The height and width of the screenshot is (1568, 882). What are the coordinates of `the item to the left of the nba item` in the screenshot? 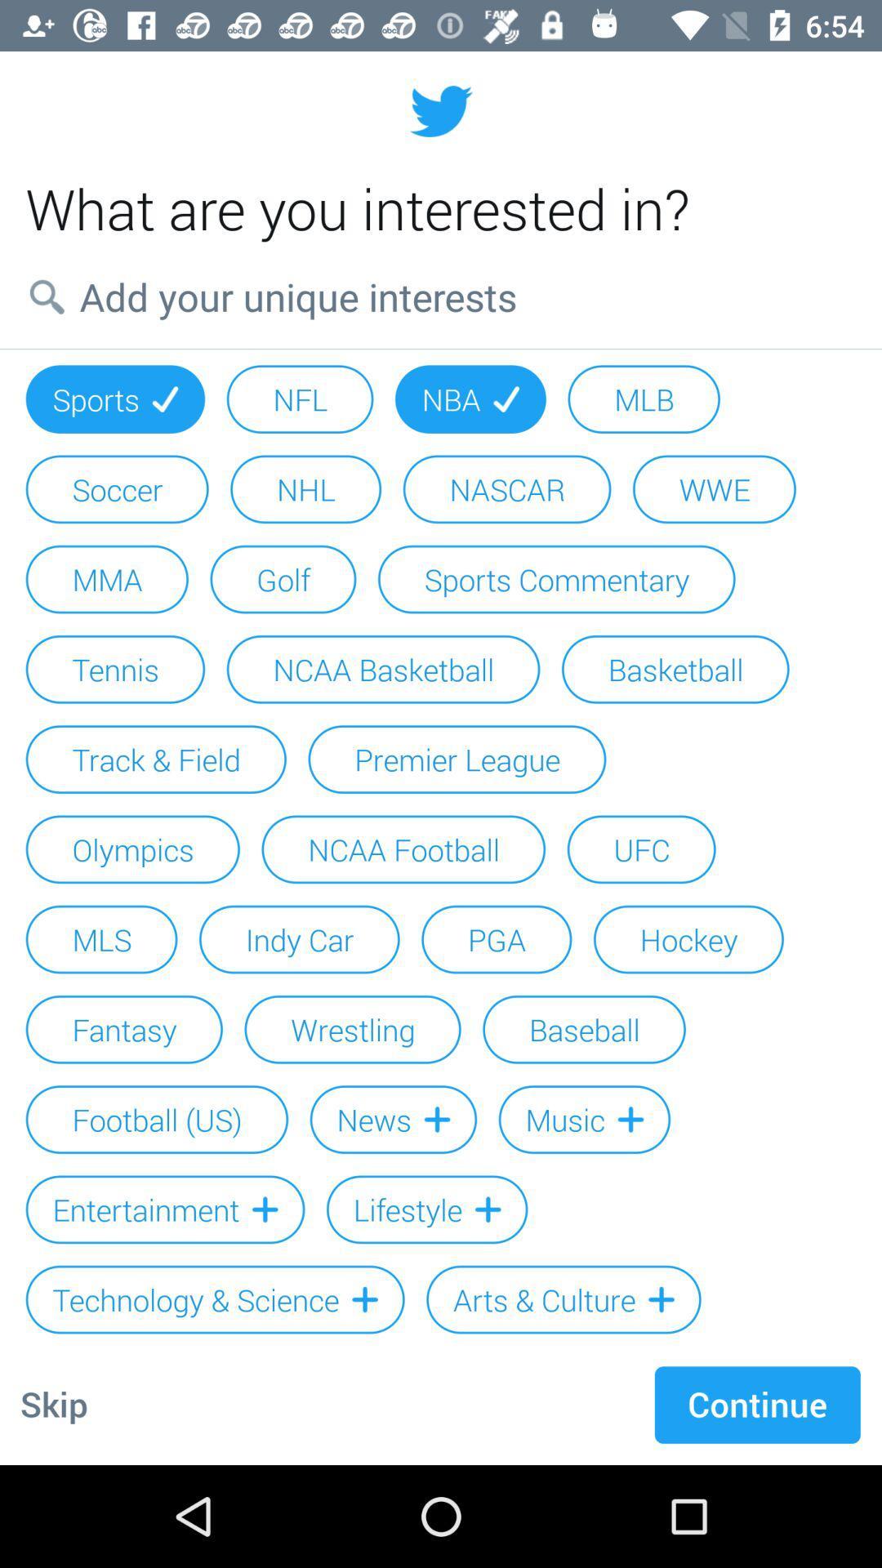 It's located at (300, 399).